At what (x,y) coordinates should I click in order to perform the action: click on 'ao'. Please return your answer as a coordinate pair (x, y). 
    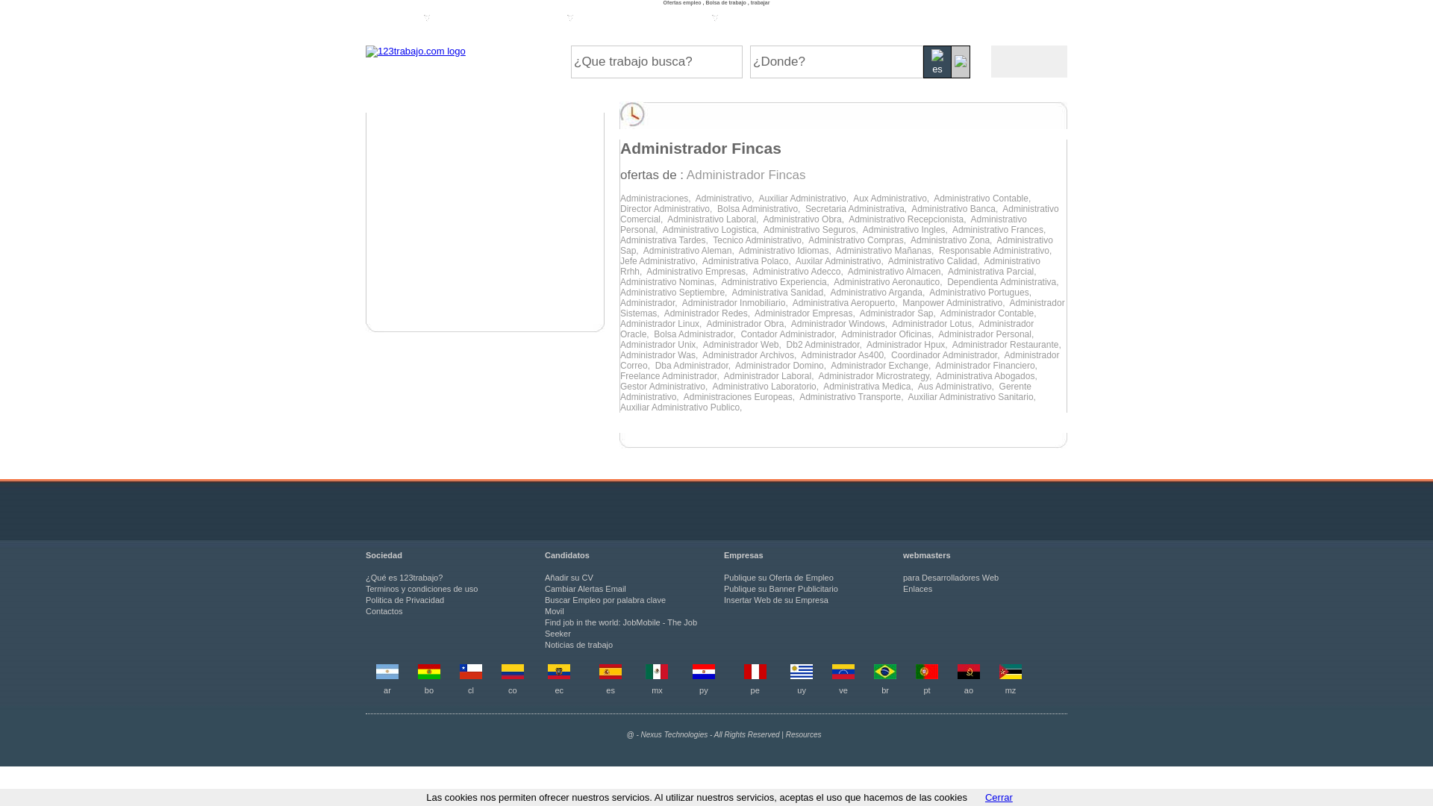
    Looking at the image, I should click on (968, 690).